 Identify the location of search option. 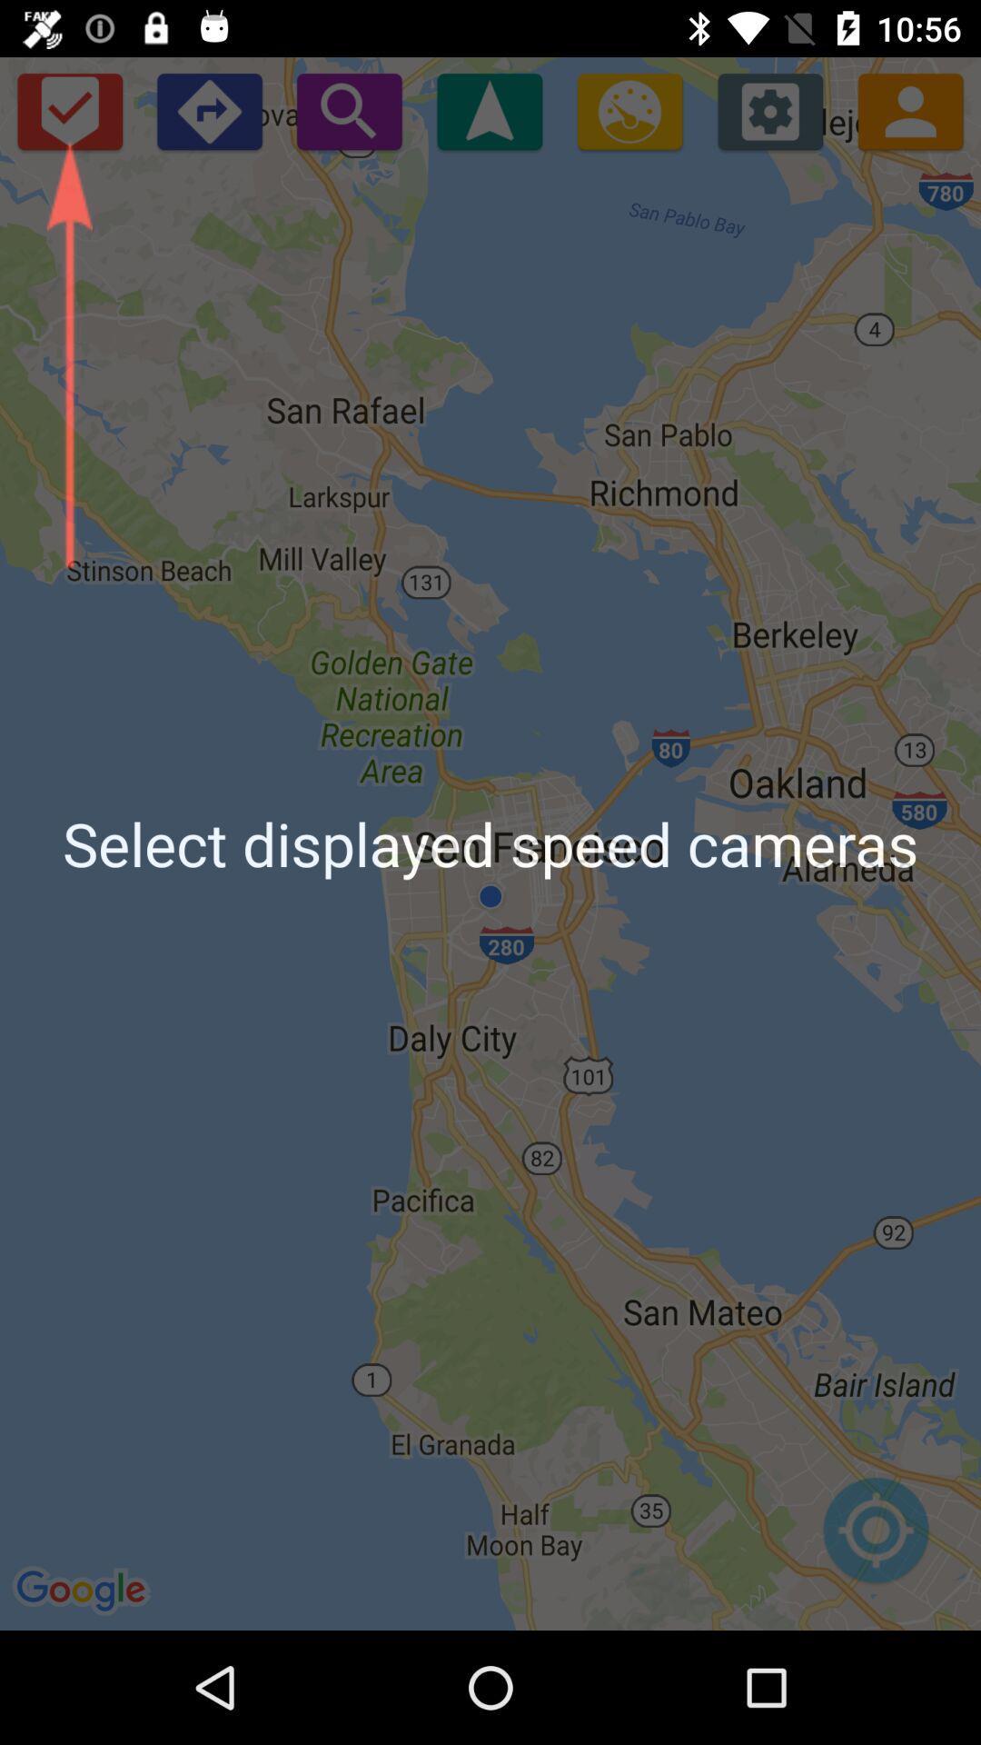
(349, 110).